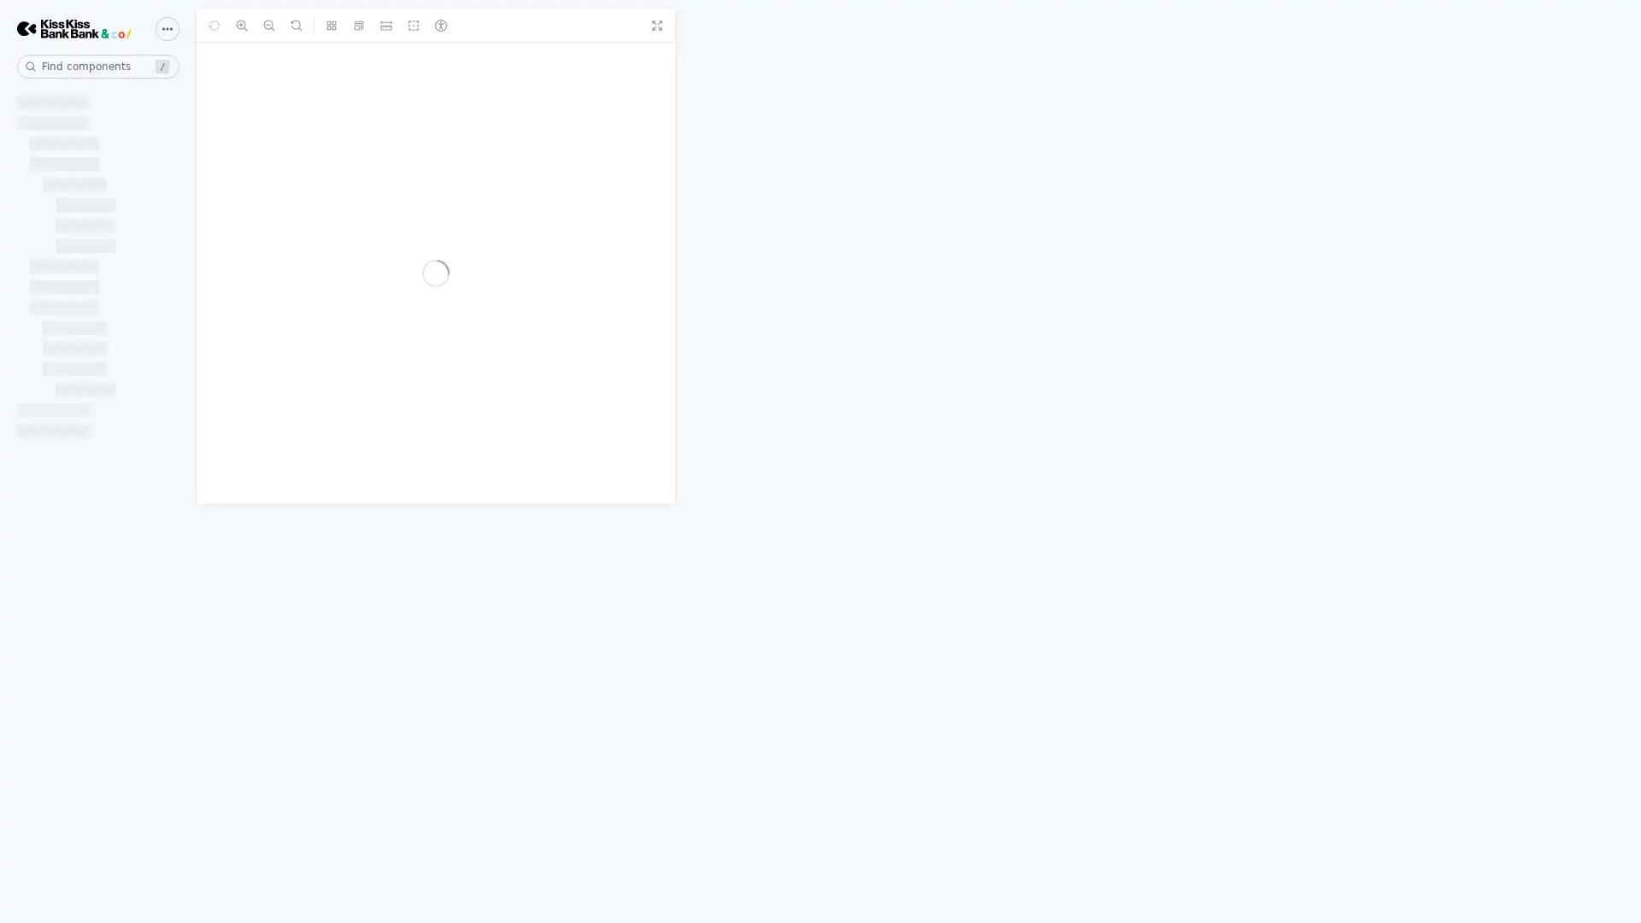 This screenshot has width=1641, height=923. Describe the element at coordinates (295, 26) in the screenshot. I see `Docs` at that location.